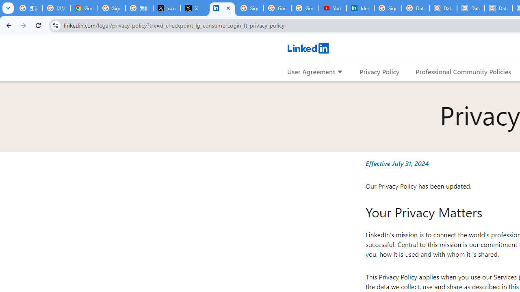  I want to click on 'Privacy Policy', so click(379, 71).